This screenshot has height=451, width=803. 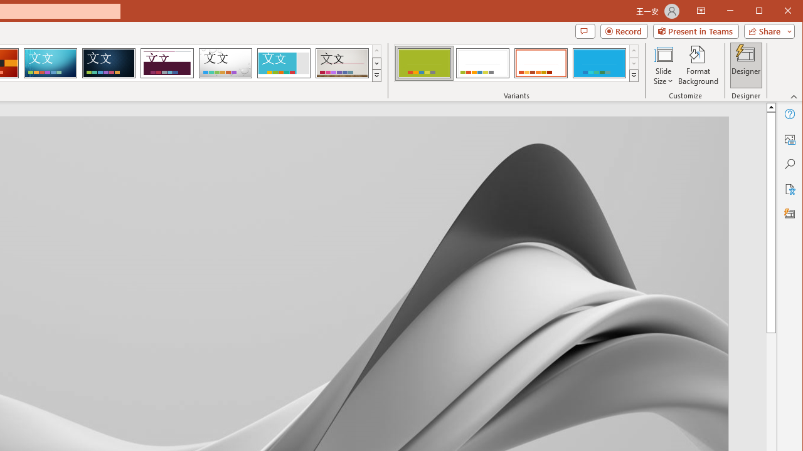 I want to click on 'Basis Variant 2', so click(x=482, y=63).